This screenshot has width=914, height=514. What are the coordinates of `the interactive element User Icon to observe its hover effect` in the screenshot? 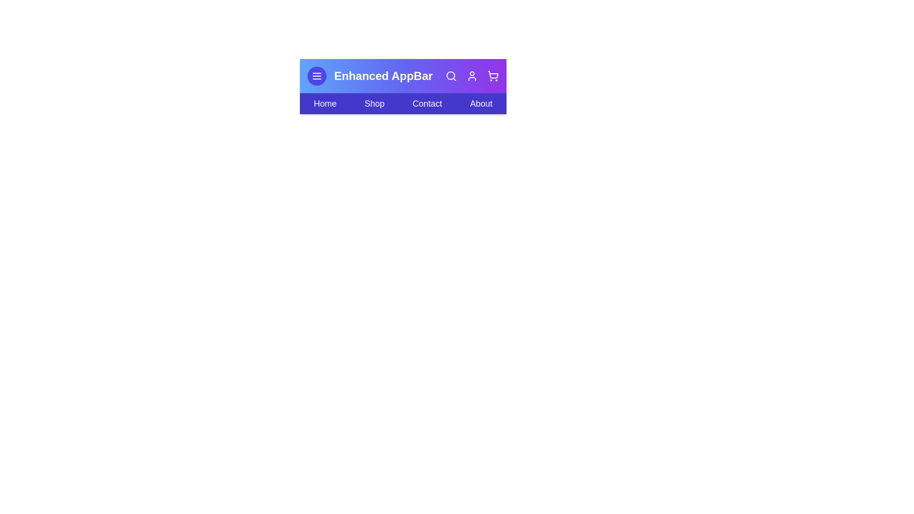 It's located at (472, 75).